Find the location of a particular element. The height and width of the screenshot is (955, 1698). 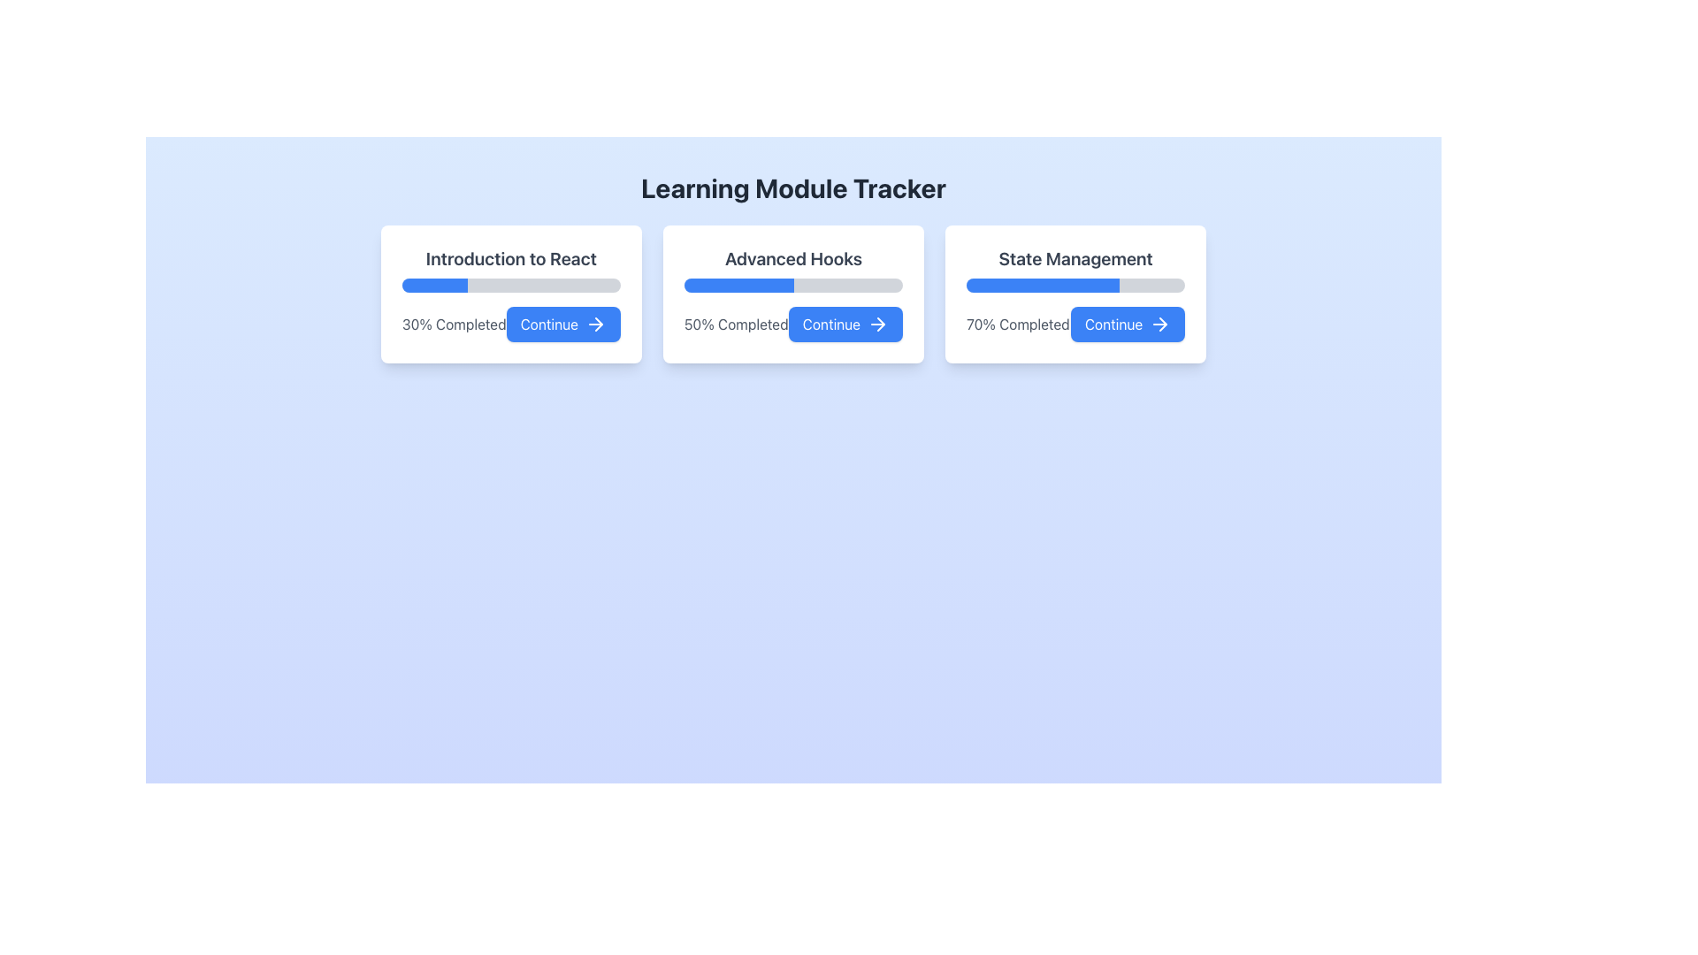

the button located in the 'Introduction to React' card, positioned to the right of the '30% Completed' text, to proceed to the next step is located at coordinates (562, 324).